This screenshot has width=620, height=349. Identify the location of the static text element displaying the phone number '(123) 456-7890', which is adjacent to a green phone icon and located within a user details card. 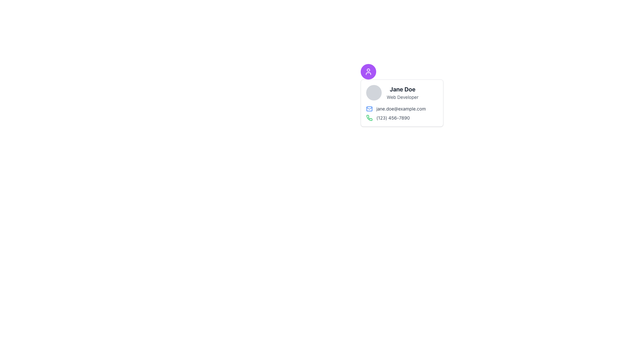
(393, 118).